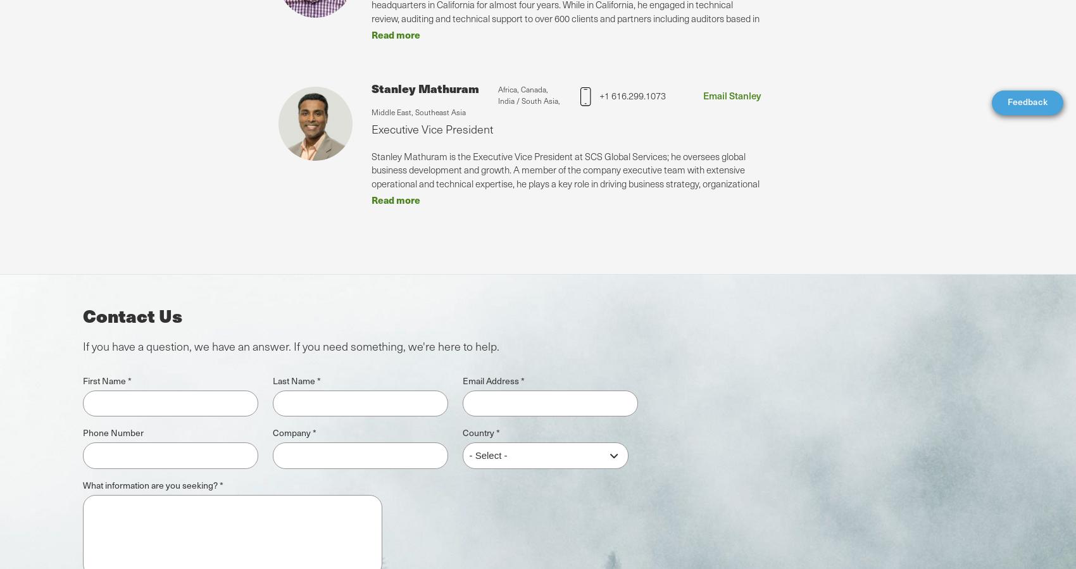 The height and width of the screenshot is (569, 1076). I want to click on 'English', so click(46, 519).